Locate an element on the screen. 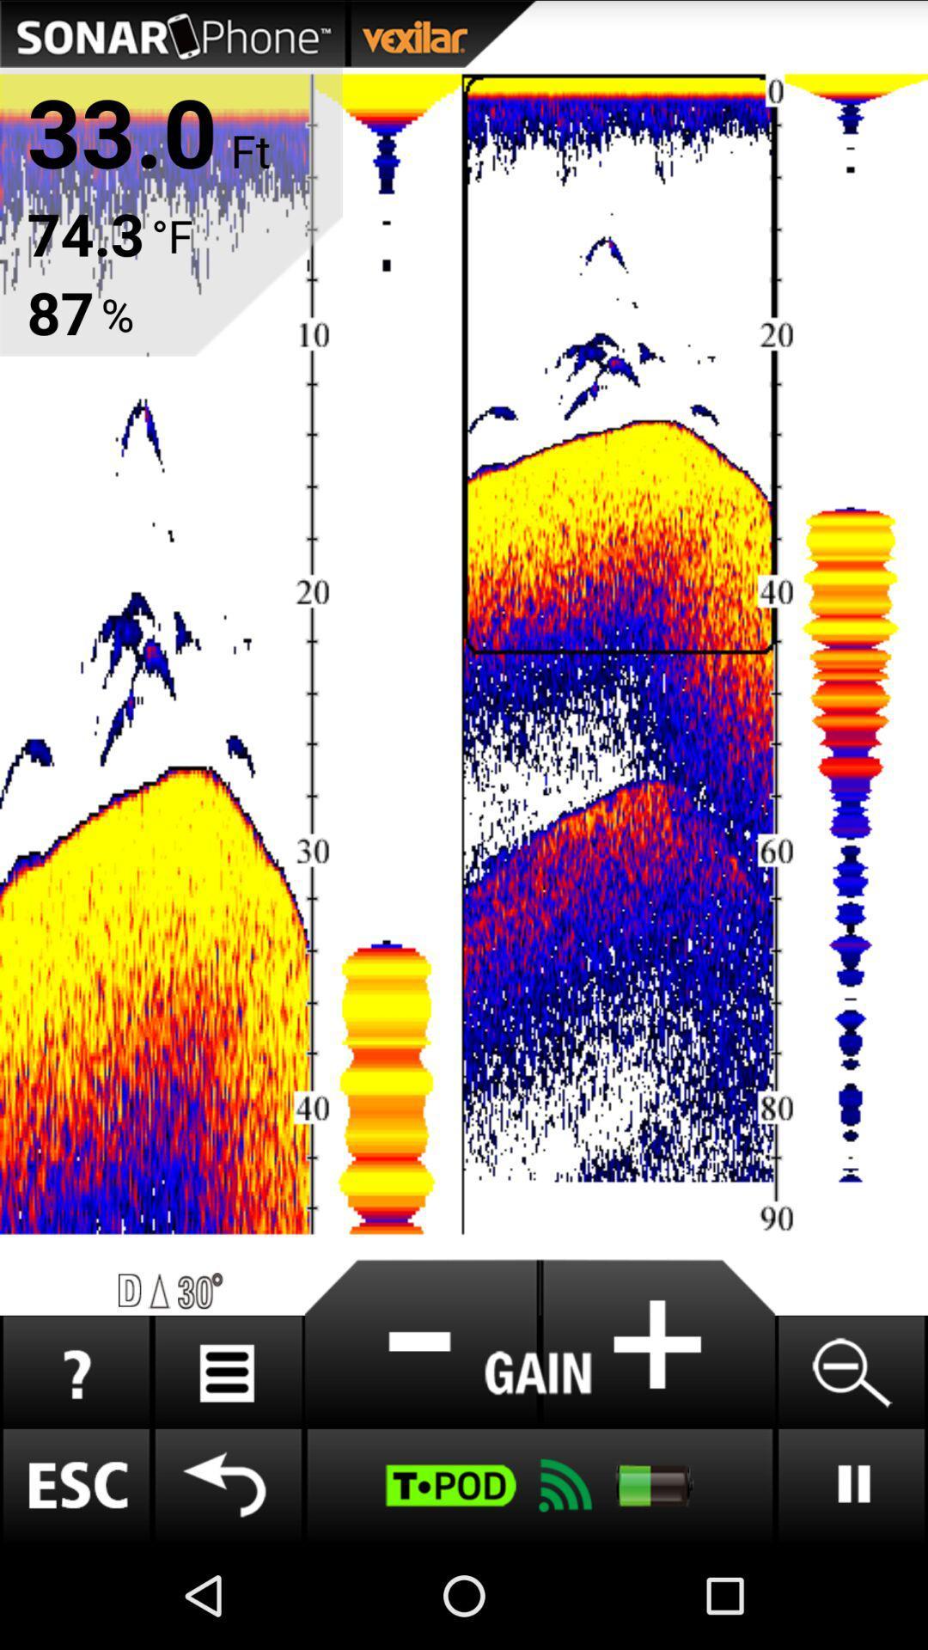  the menu icon is located at coordinates (227, 1468).